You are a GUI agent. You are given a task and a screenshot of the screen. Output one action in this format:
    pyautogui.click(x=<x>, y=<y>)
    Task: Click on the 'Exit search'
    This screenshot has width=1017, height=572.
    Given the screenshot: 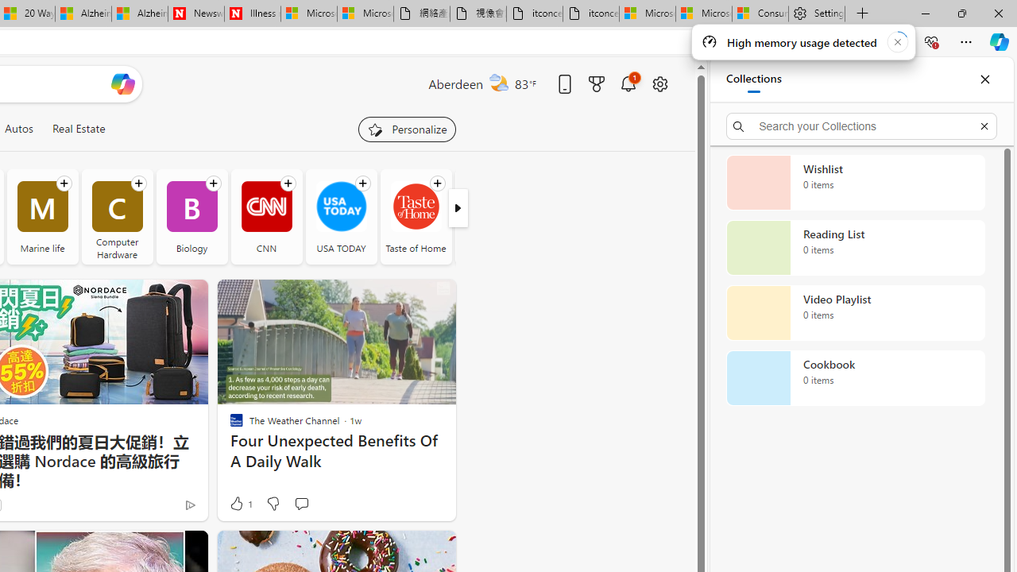 What is the action you would take?
    pyautogui.click(x=984, y=126)
    